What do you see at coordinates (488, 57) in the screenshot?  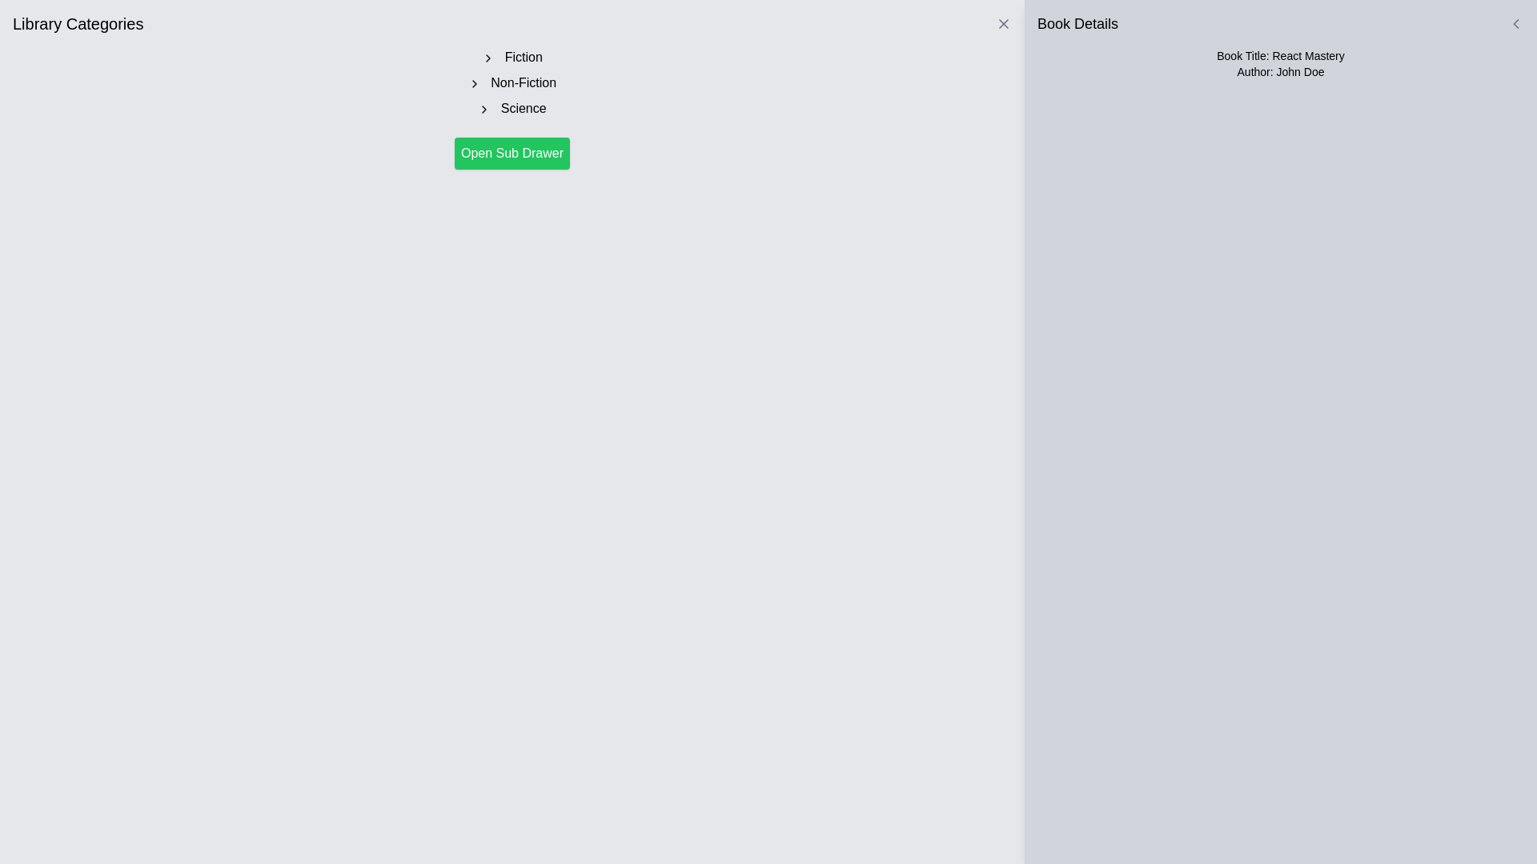 I see `the rightward-pointing chevron icon located to the left of the 'Fiction' text label` at bounding box center [488, 57].